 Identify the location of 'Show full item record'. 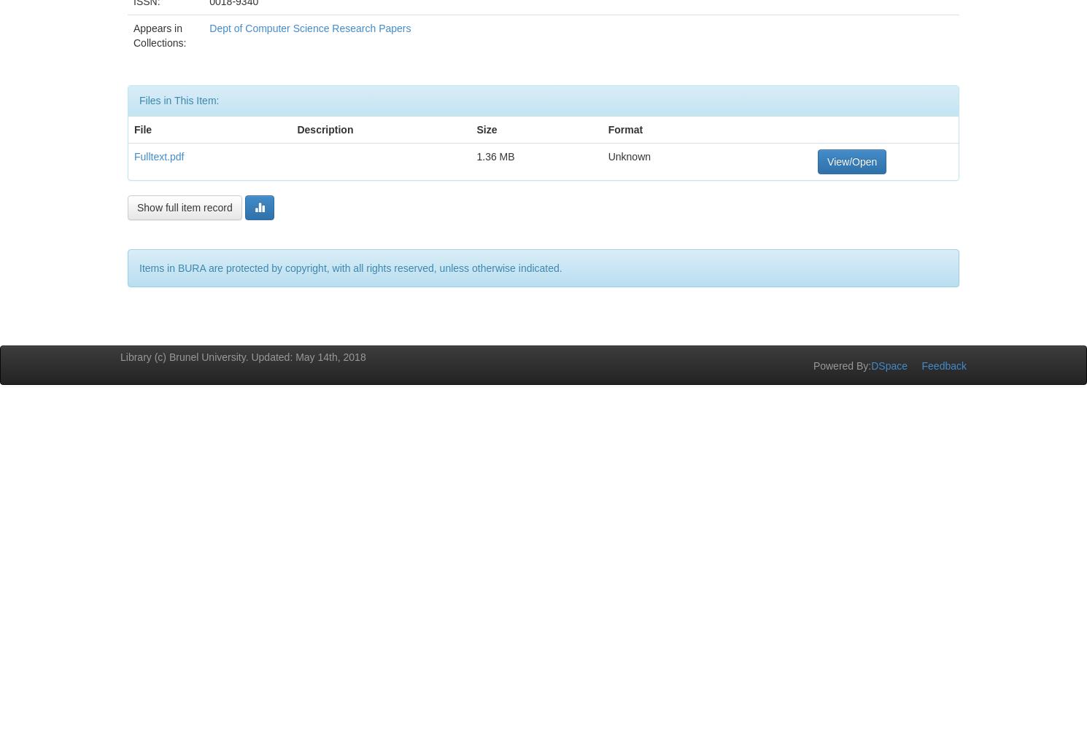
(184, 207).